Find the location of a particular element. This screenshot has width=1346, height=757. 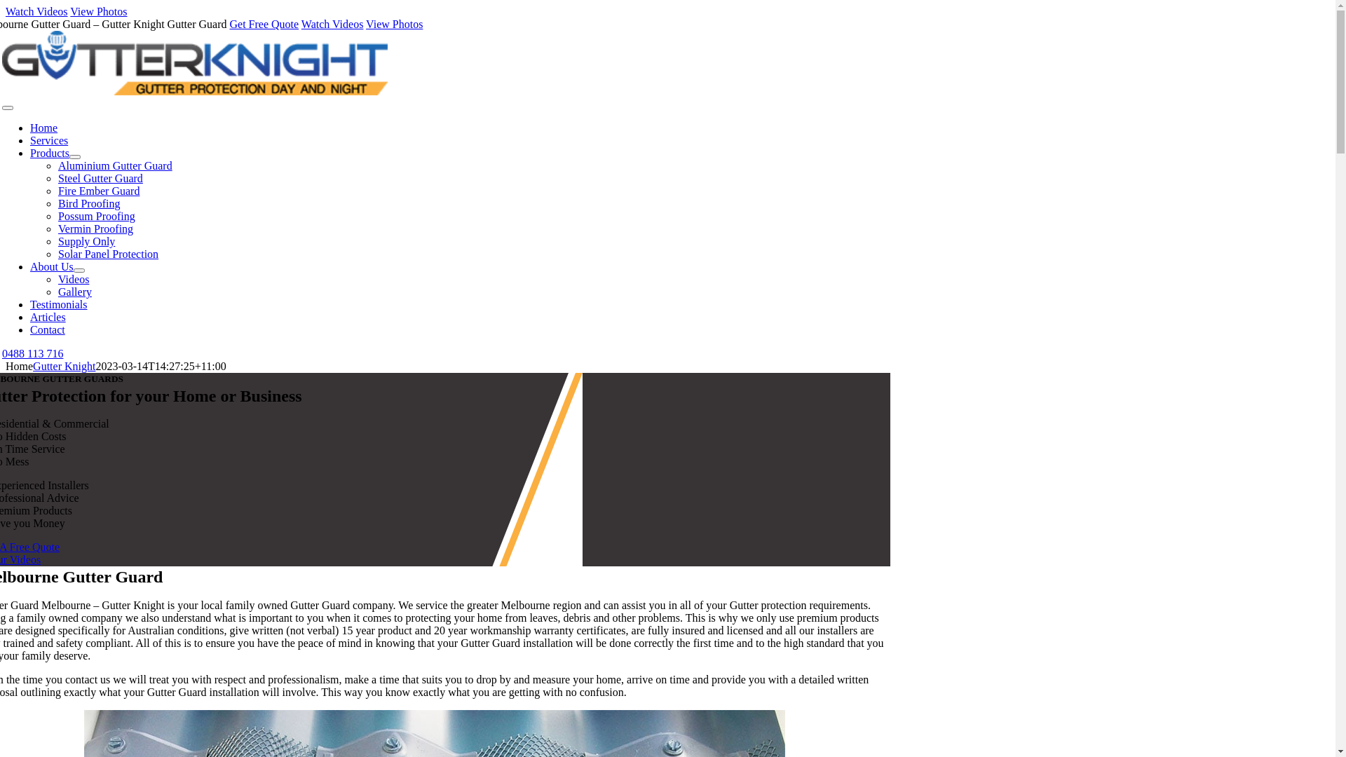

'Articles' is located at coordinates (48, 317).